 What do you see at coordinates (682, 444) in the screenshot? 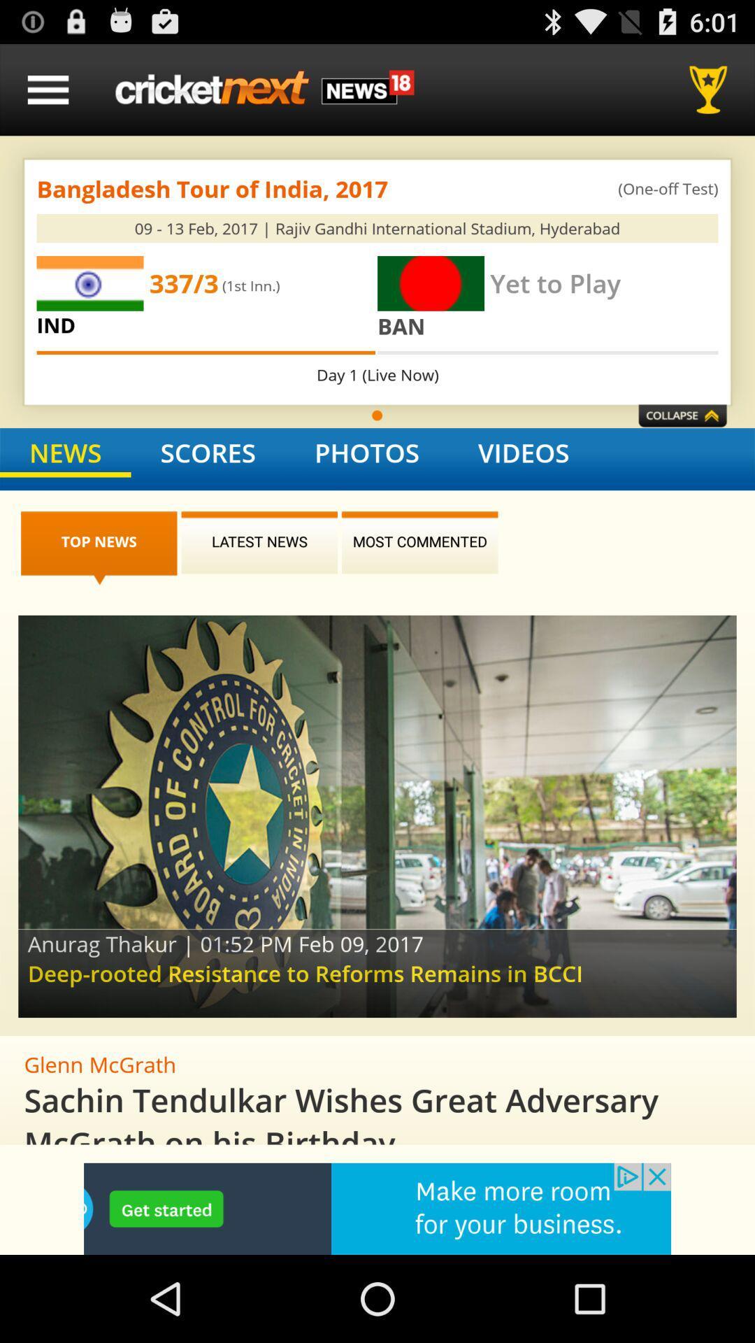
I see `the date_range icon` at bounding box center [682, 444].